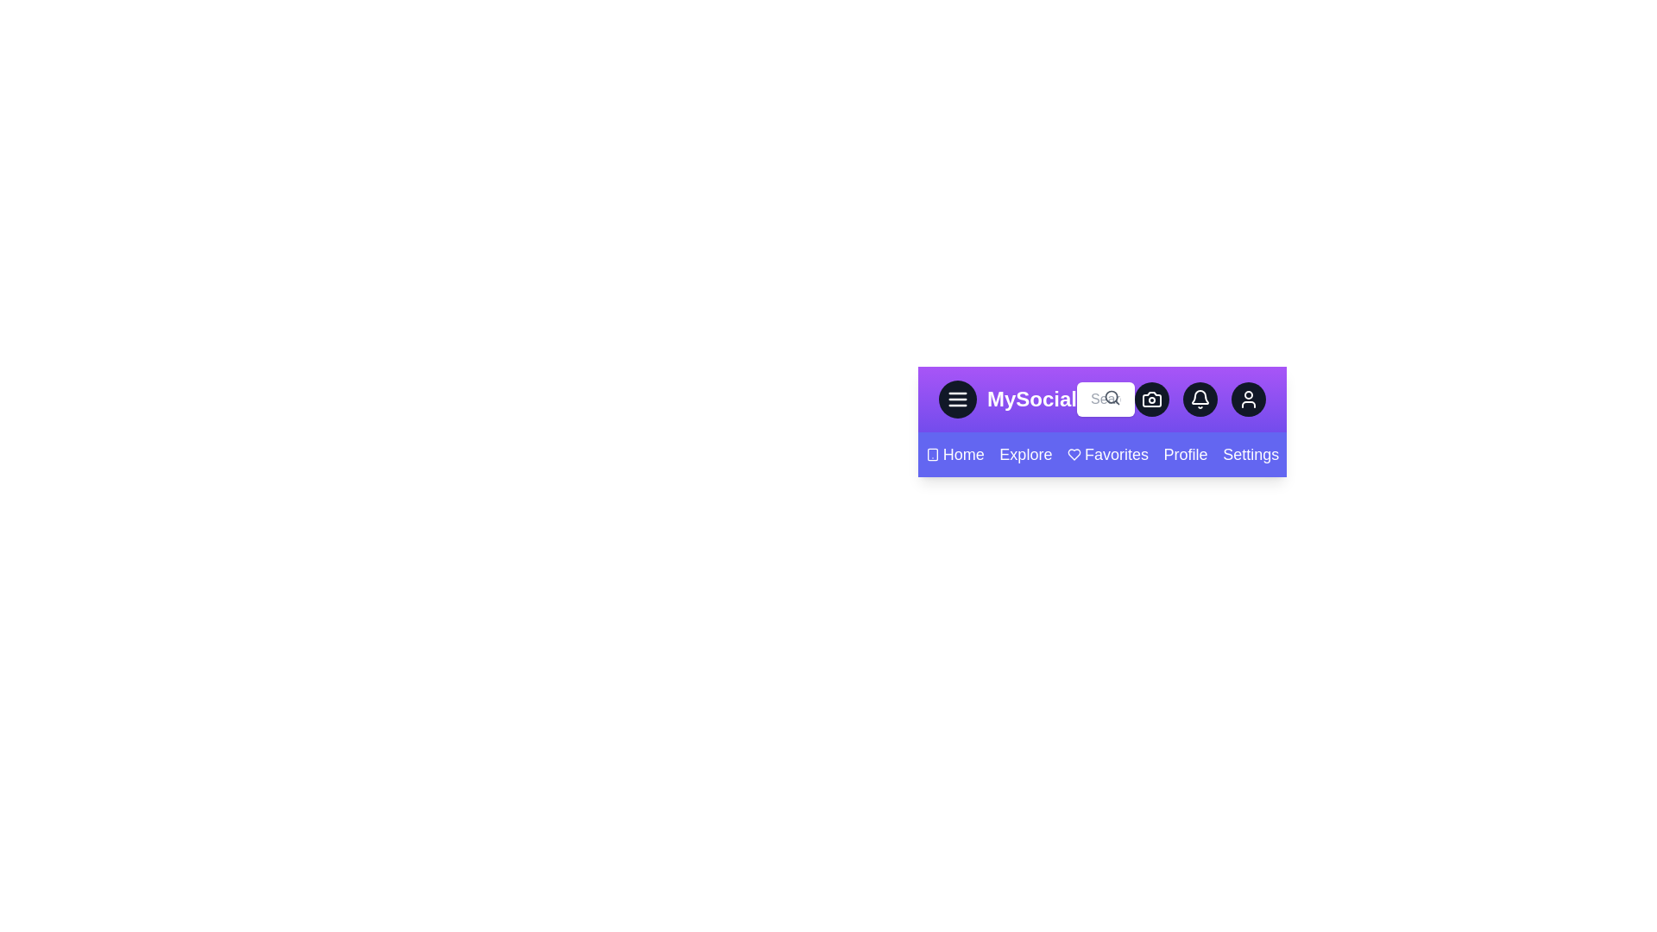 The image size is (1657, 932). What do you see at coordinates (956, 399) in the screenshot?
I see `the menu button to toggle the navigation menu` at bounding box center [956, 399].